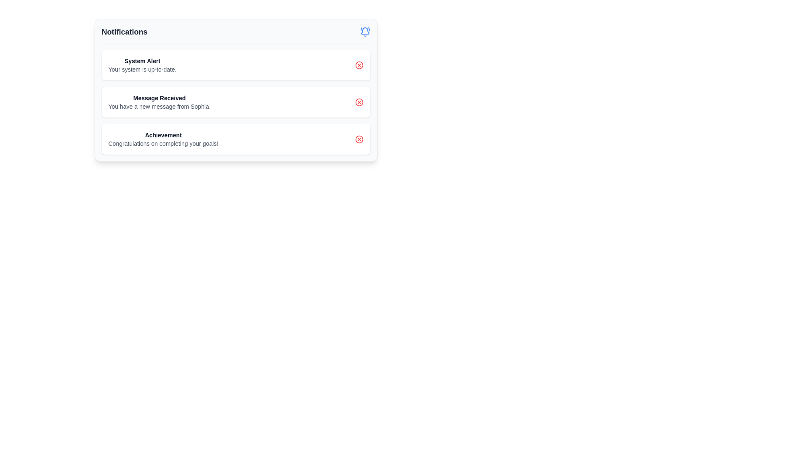 The width and height of the screenshot is (808, 455). What do you see at coordinates (236, 90) in the screenshot?
I see `the second notification card from the top in the vertically arranged list of notifications, which is positioned below the 'System Alert' card and above the 'Achievement' card` at bounding box center [236, 90].